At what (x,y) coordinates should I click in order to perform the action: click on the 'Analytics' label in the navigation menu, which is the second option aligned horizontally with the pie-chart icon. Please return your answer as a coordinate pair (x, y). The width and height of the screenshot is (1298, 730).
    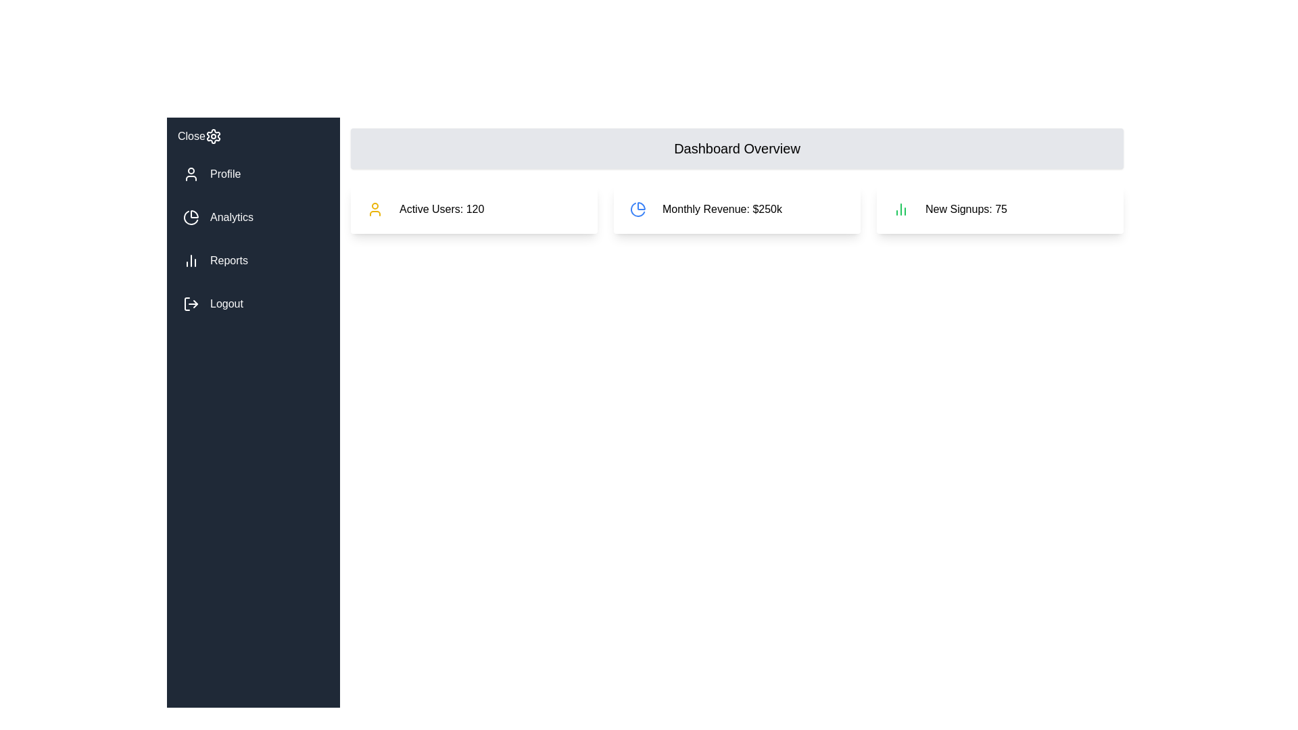
    Looking at the image, I should click on (232, 216).